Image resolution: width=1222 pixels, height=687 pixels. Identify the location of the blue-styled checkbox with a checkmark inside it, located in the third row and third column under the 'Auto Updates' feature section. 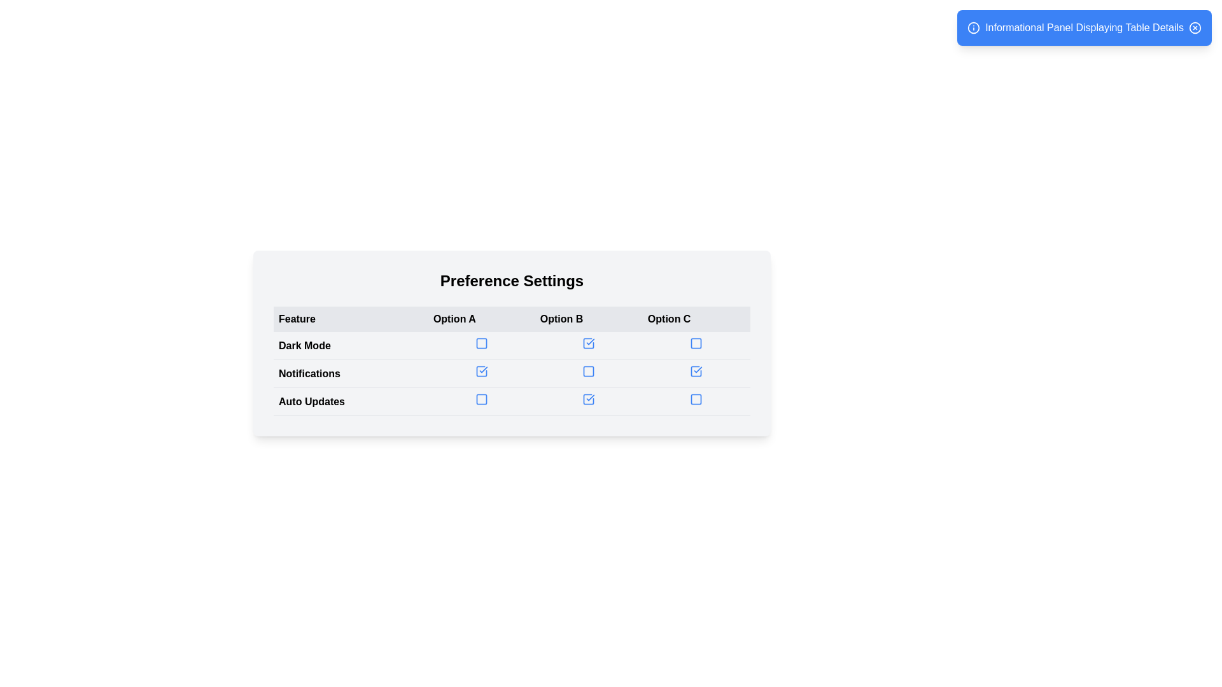
(588, 401).